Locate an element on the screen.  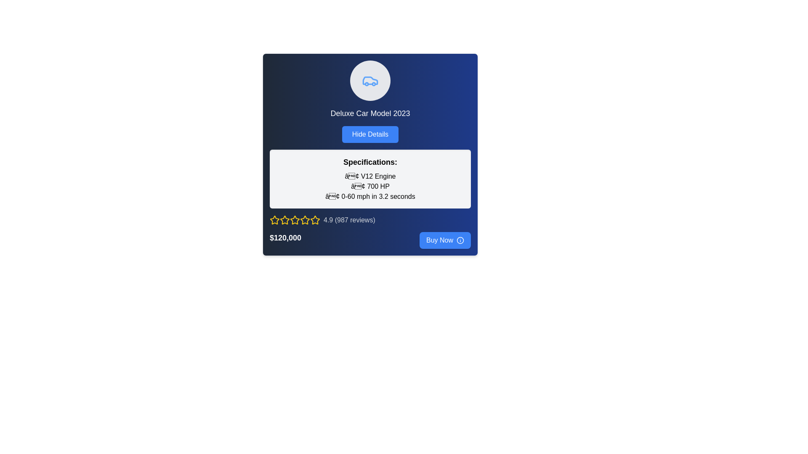
the text label that reads 'Deluxe Car Model 2023', which is styled in white and positioned below a car icon and above the 'Hide Details' button is located at coordinates (370, 113).